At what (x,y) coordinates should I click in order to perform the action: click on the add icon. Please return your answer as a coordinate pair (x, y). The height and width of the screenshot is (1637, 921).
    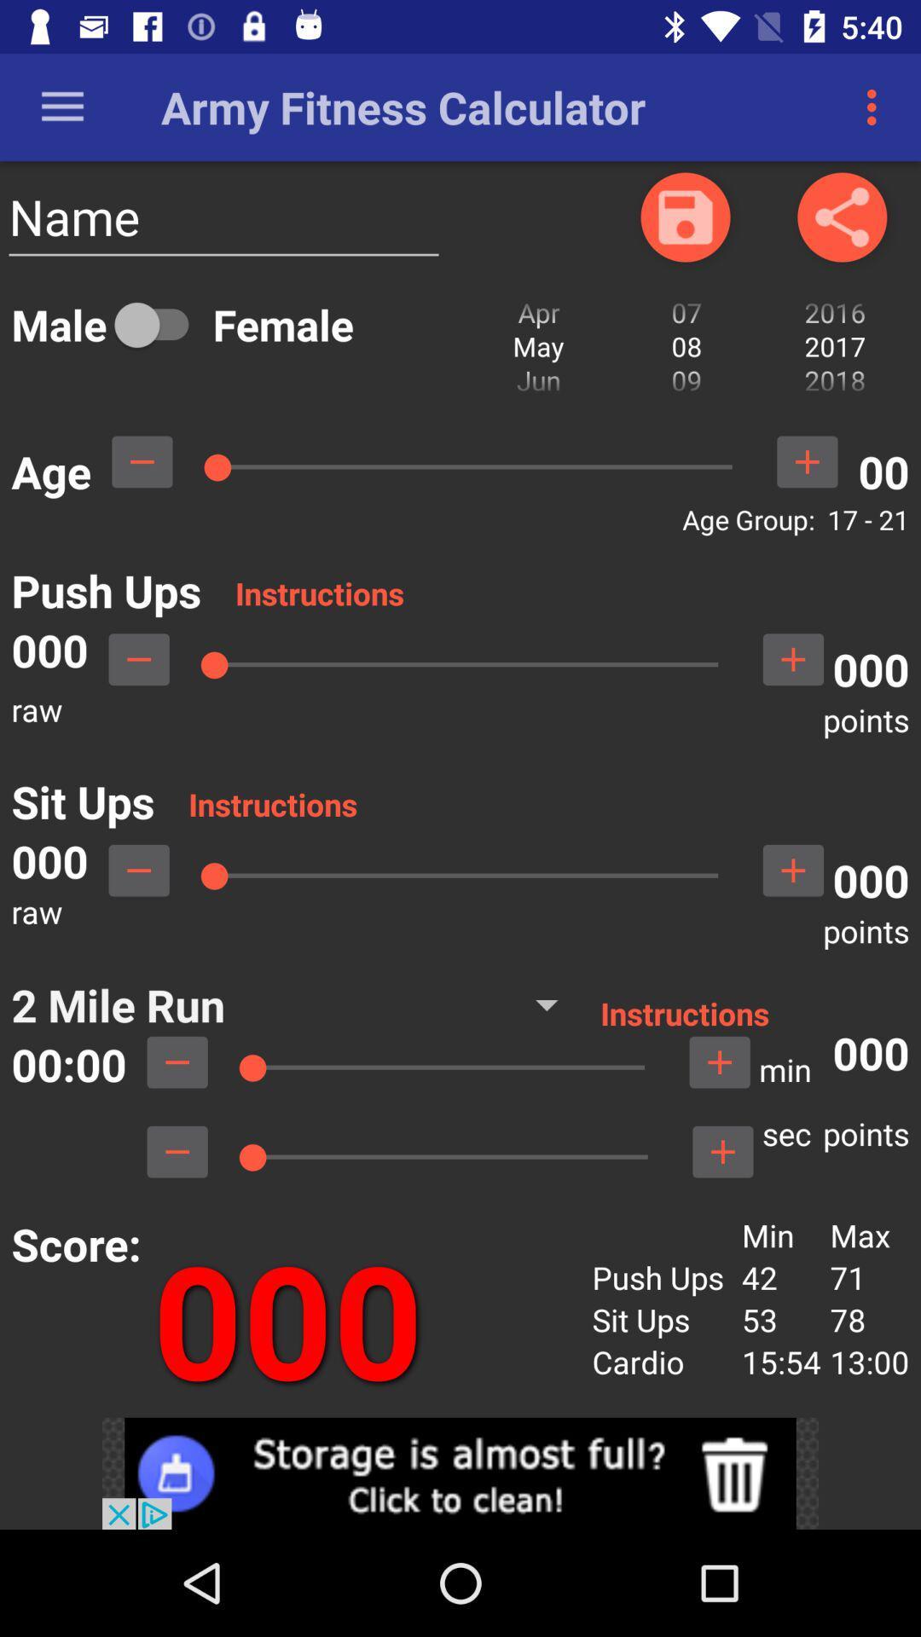
    Looking at the image, I should click on (720, 1061).